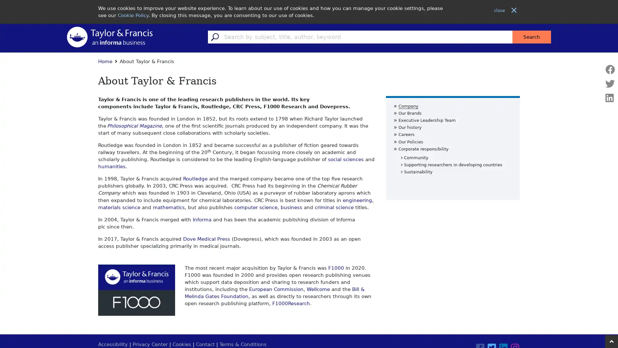  What do you see at coordinates (531, 37) in the screenshot?
I see `Search` at bounding box center [531, 37].